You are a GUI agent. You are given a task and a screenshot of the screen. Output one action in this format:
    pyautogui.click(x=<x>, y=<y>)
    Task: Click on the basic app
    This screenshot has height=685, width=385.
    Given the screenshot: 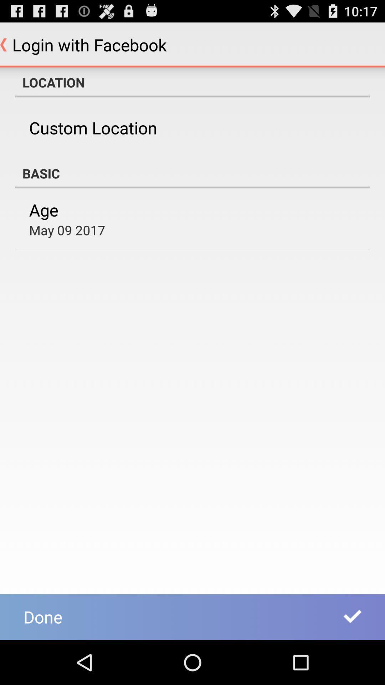 What is the action you would take?
    pyautogui.click(x=192, y=173)
    